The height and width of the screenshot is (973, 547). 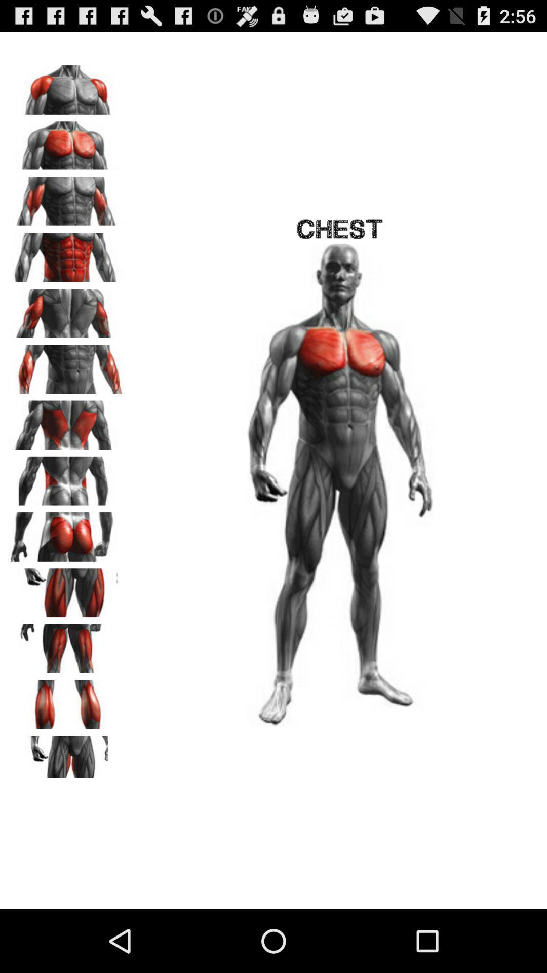 I want to click on switch view area, so click(x=66, y=254).